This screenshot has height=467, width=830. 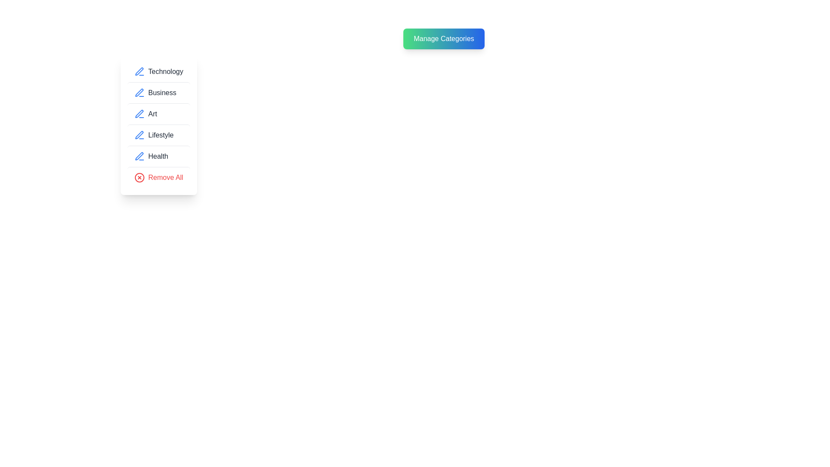 I want to click on the category item corresponding to Art, so click(x=158, y=113).